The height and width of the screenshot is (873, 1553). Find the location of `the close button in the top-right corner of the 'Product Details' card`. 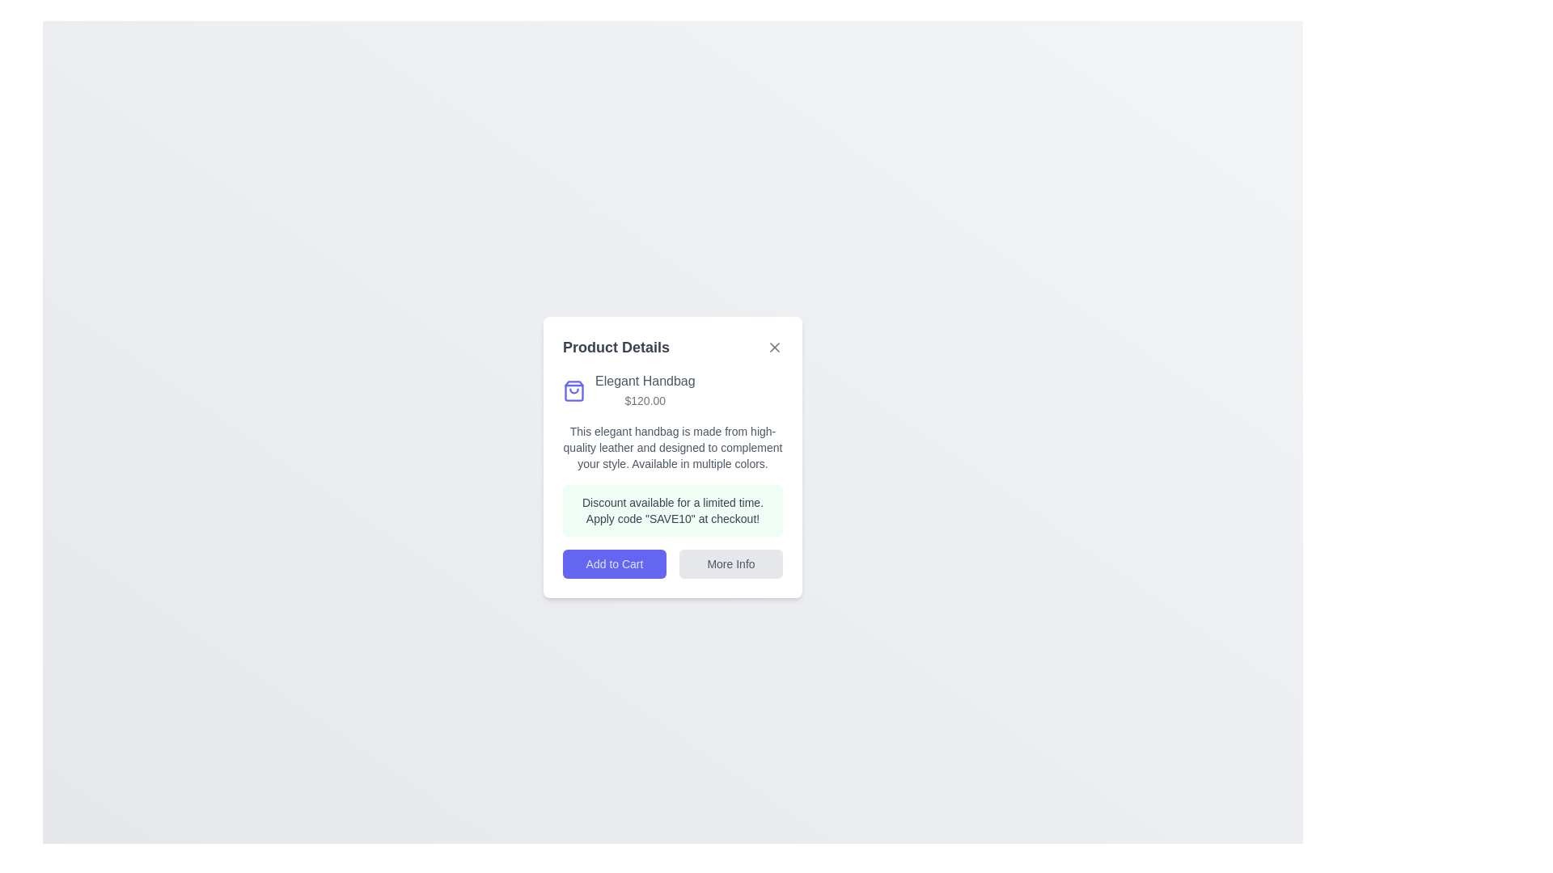

the close button in the top-right corner of the 'Product Details' card is located at coordinates (774, 346).